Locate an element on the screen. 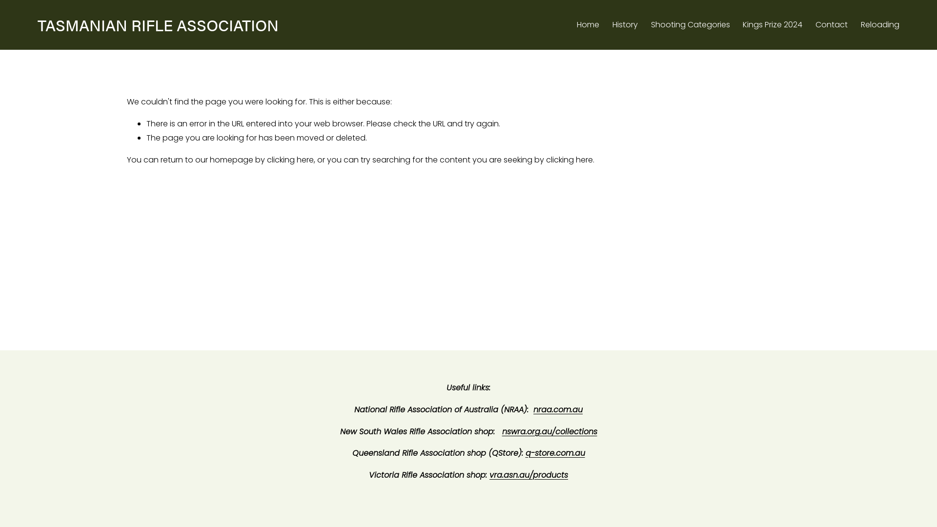 Image resolution: width=937 pixels, height=527 pixels. 'Kings Prize 2024' is located at coordinates (772, 24).